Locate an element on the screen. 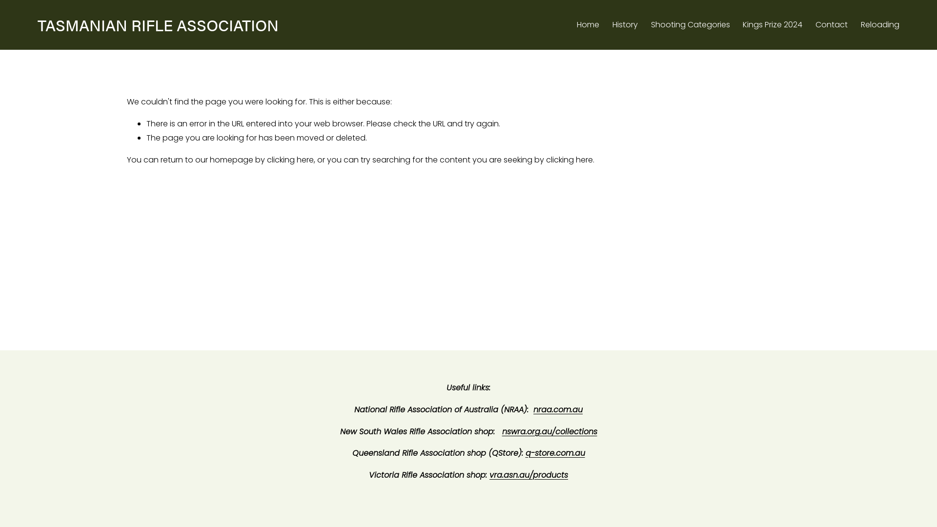 Image resolution: width=937 pixels, height=527 pixels. 'Kings Prize 2024' is located at coordinates (772, 24).